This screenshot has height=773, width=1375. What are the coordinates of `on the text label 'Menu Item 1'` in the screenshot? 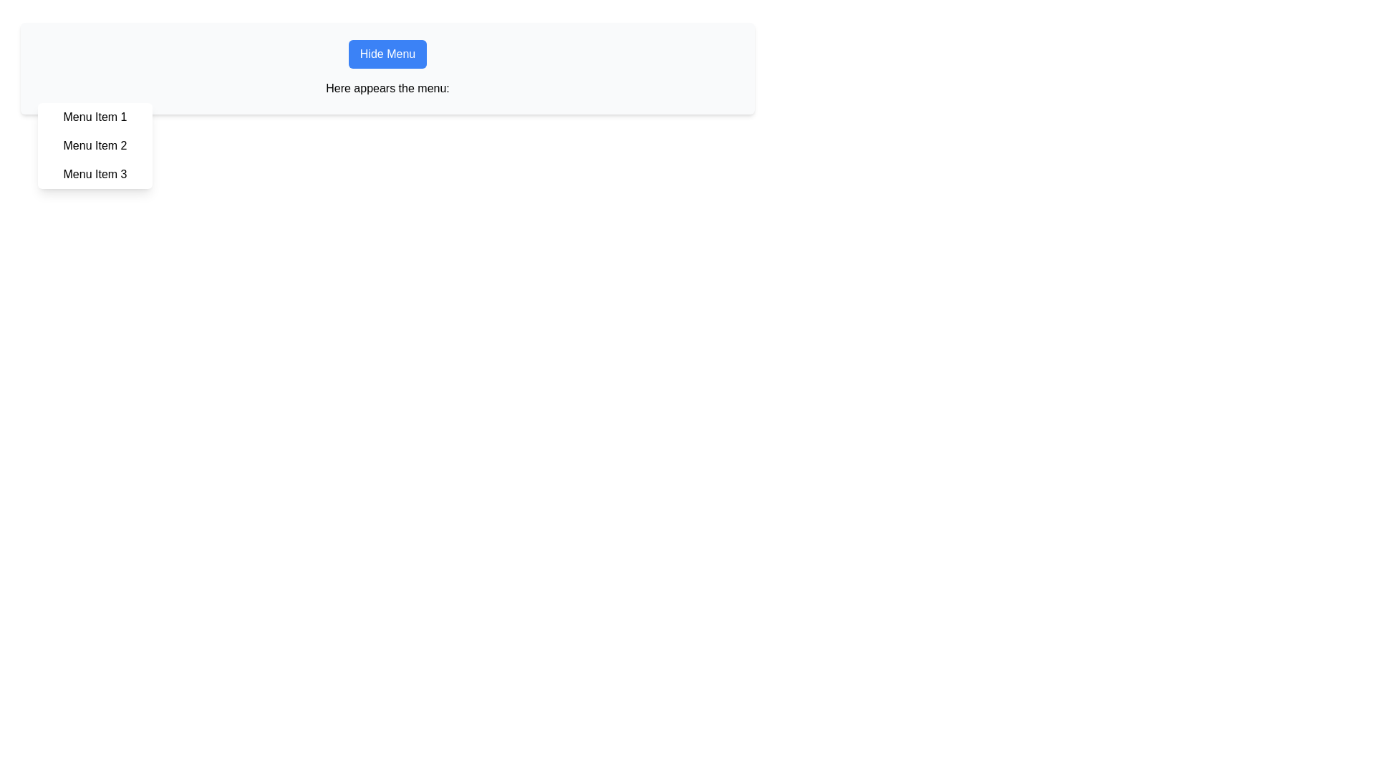 It's located at (95, 117).